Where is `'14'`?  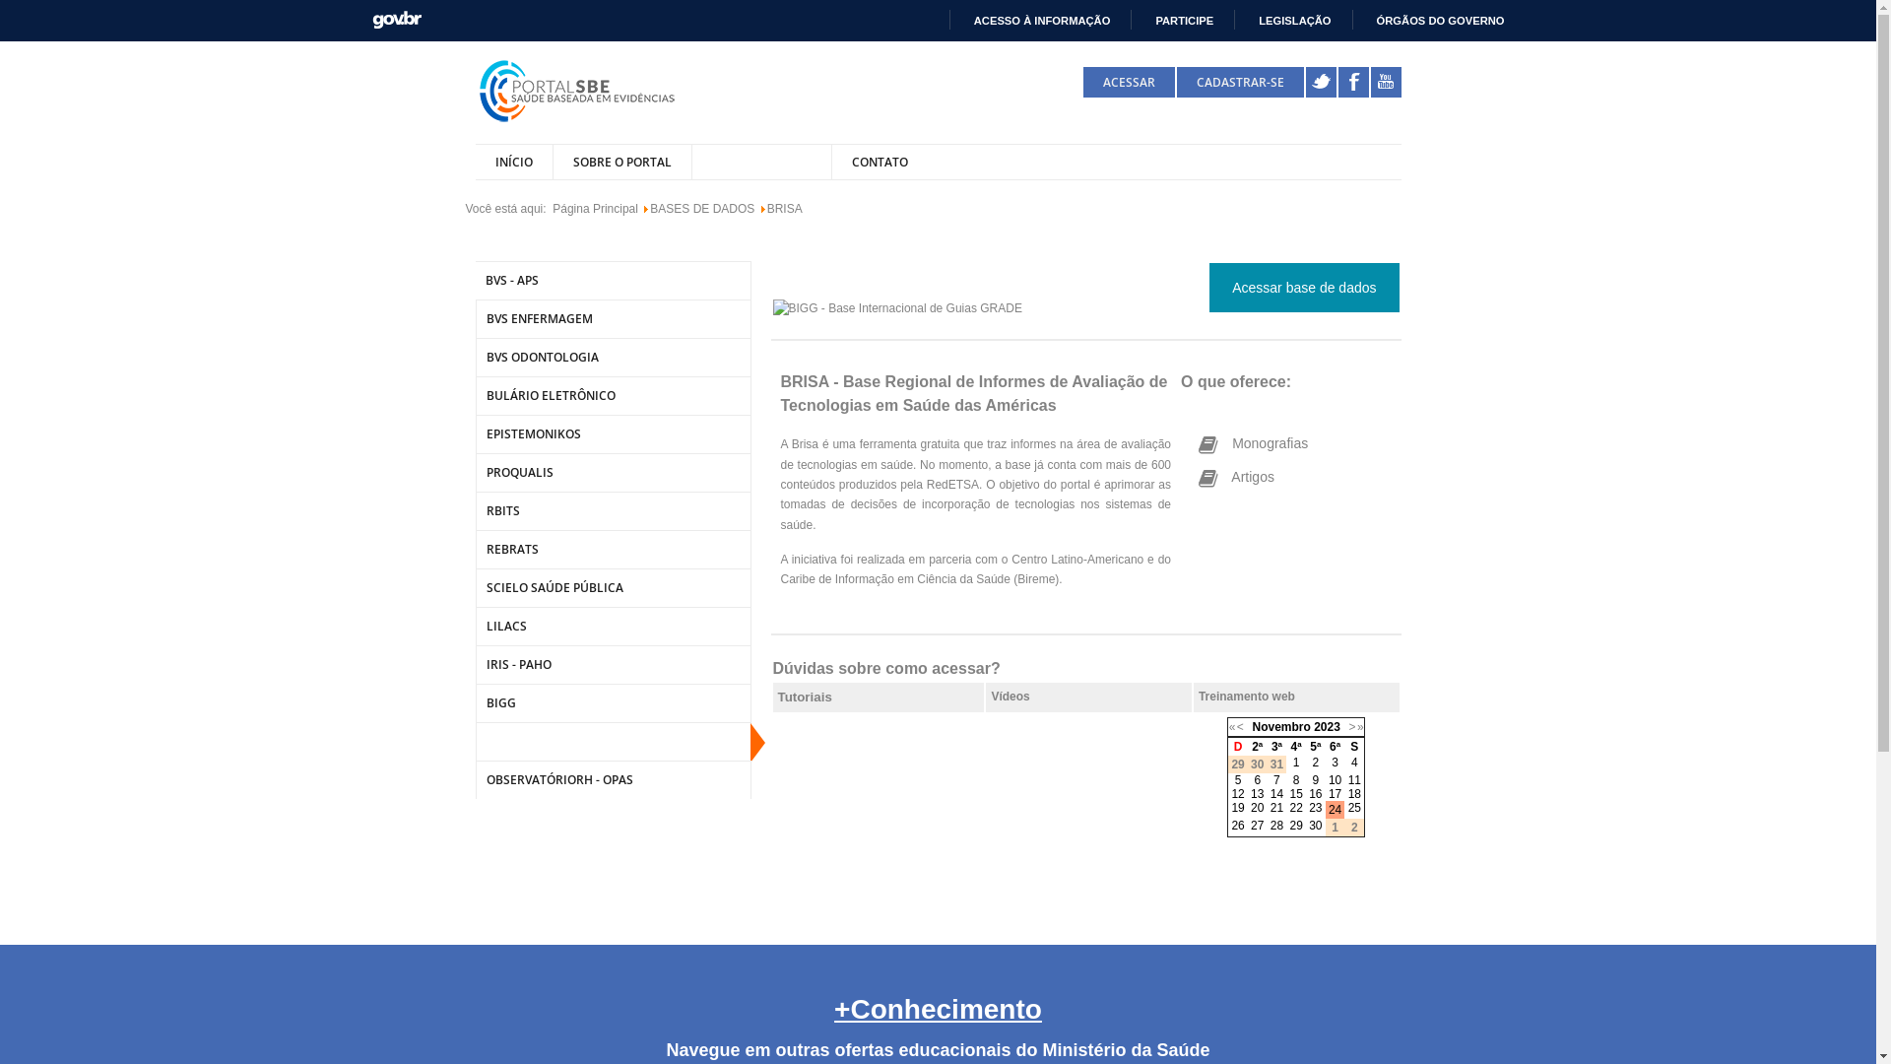 '14' is located at coordinates (1276, 793).